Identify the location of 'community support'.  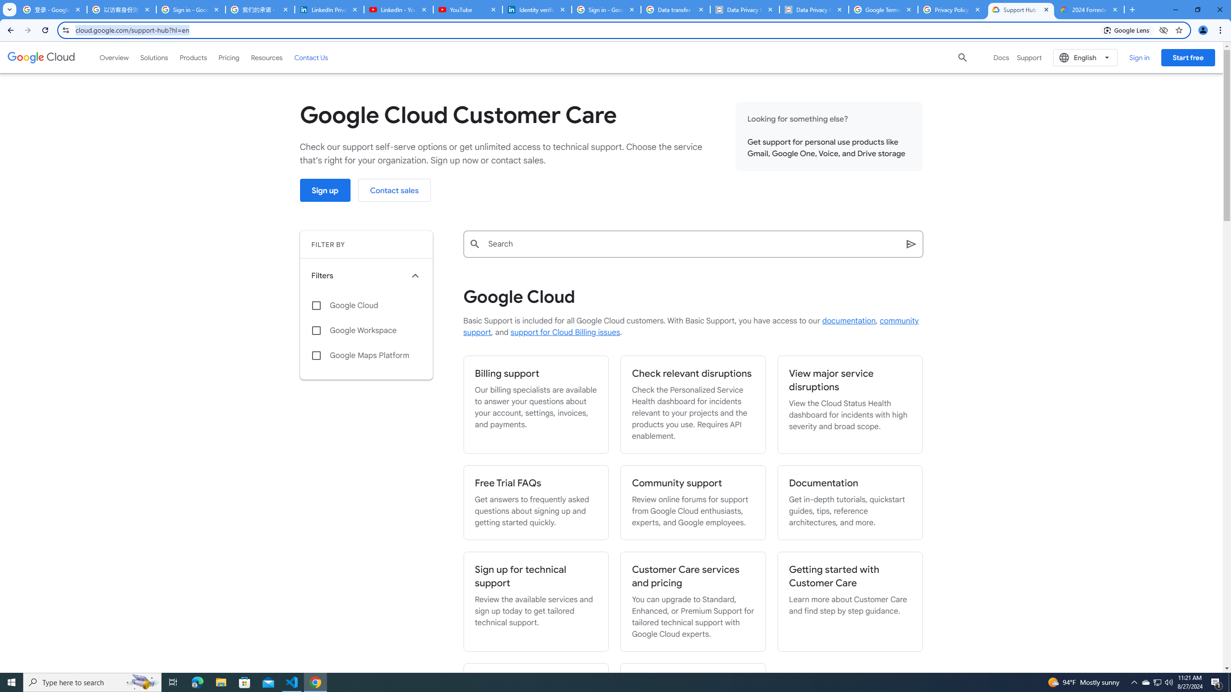
(690, 326).